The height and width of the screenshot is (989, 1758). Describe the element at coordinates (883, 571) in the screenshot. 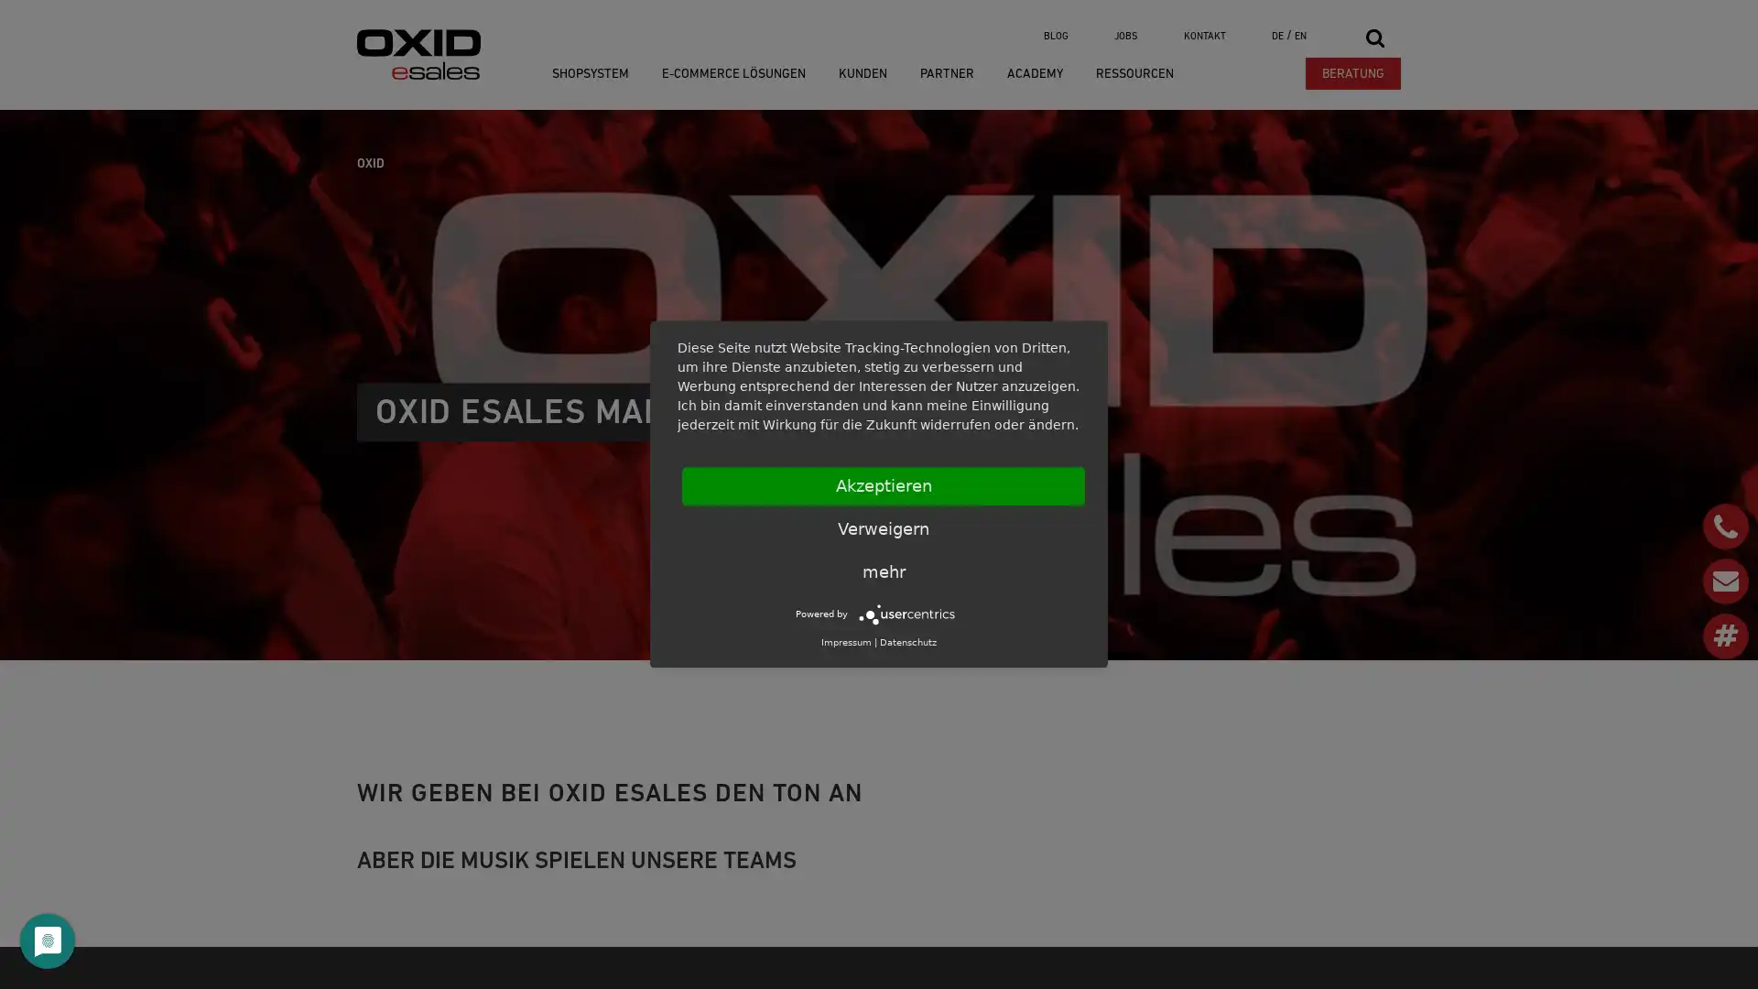

I see `mehr` at that location.